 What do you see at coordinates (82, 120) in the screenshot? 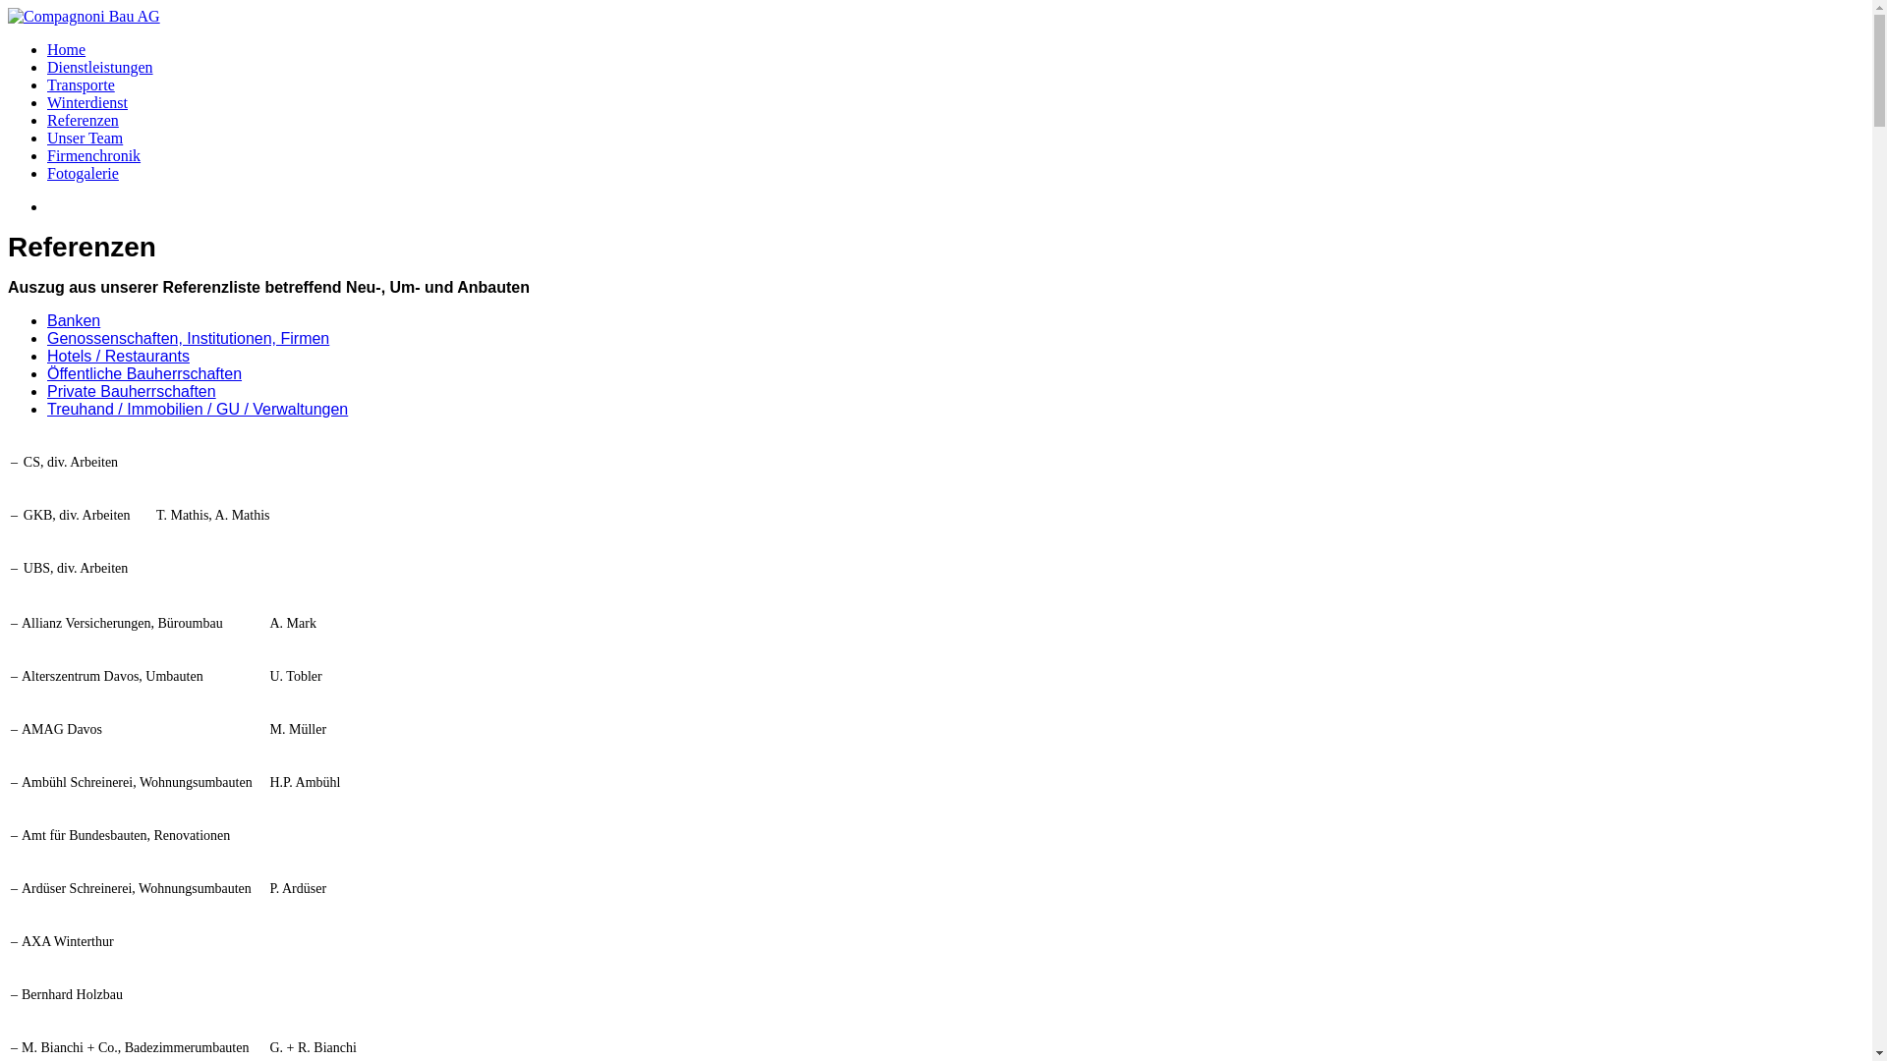
I see `'Referenzen'` at bounding box center [82, 120].